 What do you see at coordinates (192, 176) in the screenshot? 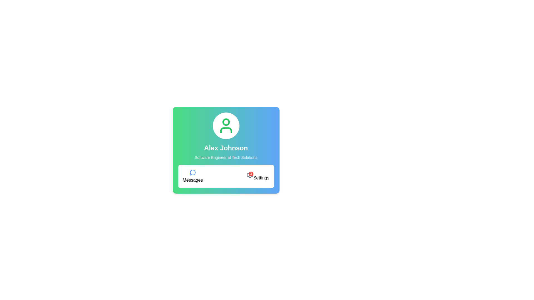
I see `the blue circular speech bubble icon labeled 'Messages'` at bounding box center [192, 176].